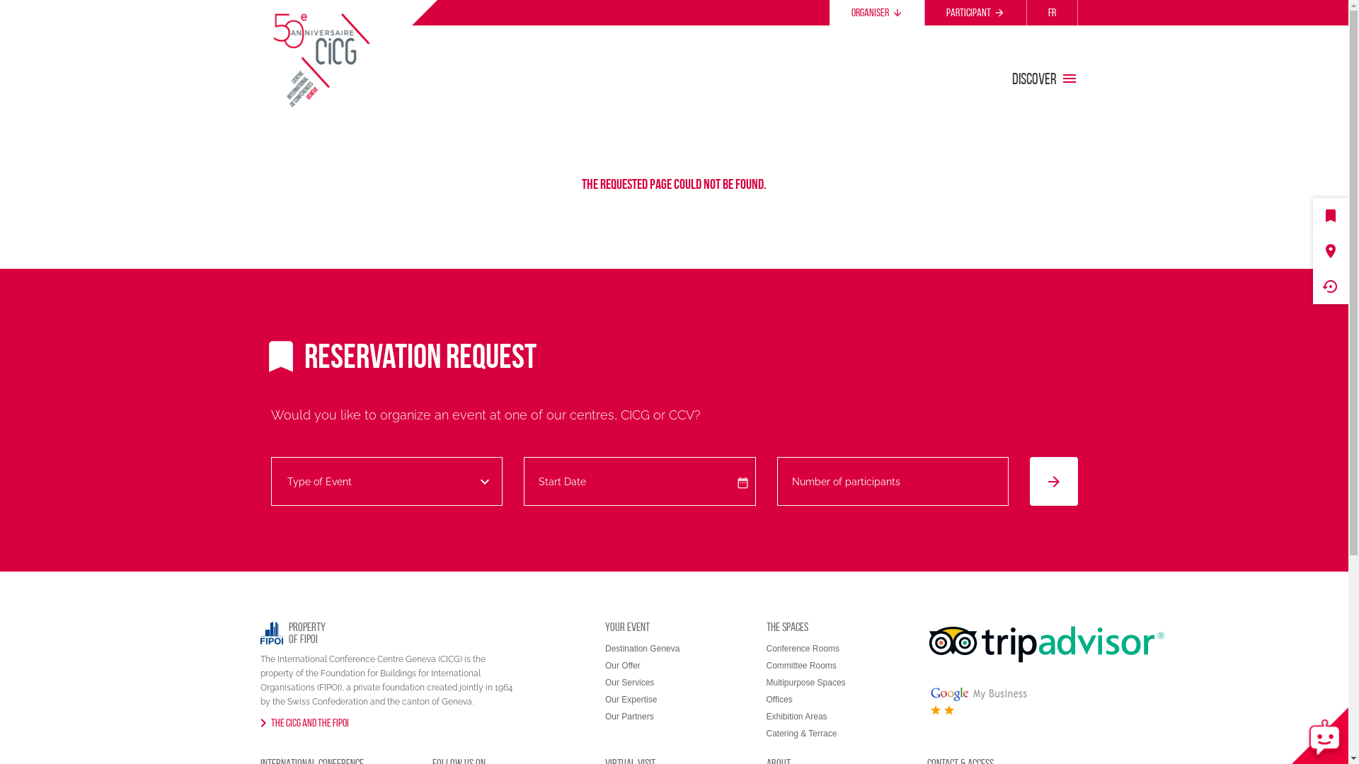 The image size is (1359, 764). I want to click on 'Destination Geneva', so click(641, 649).